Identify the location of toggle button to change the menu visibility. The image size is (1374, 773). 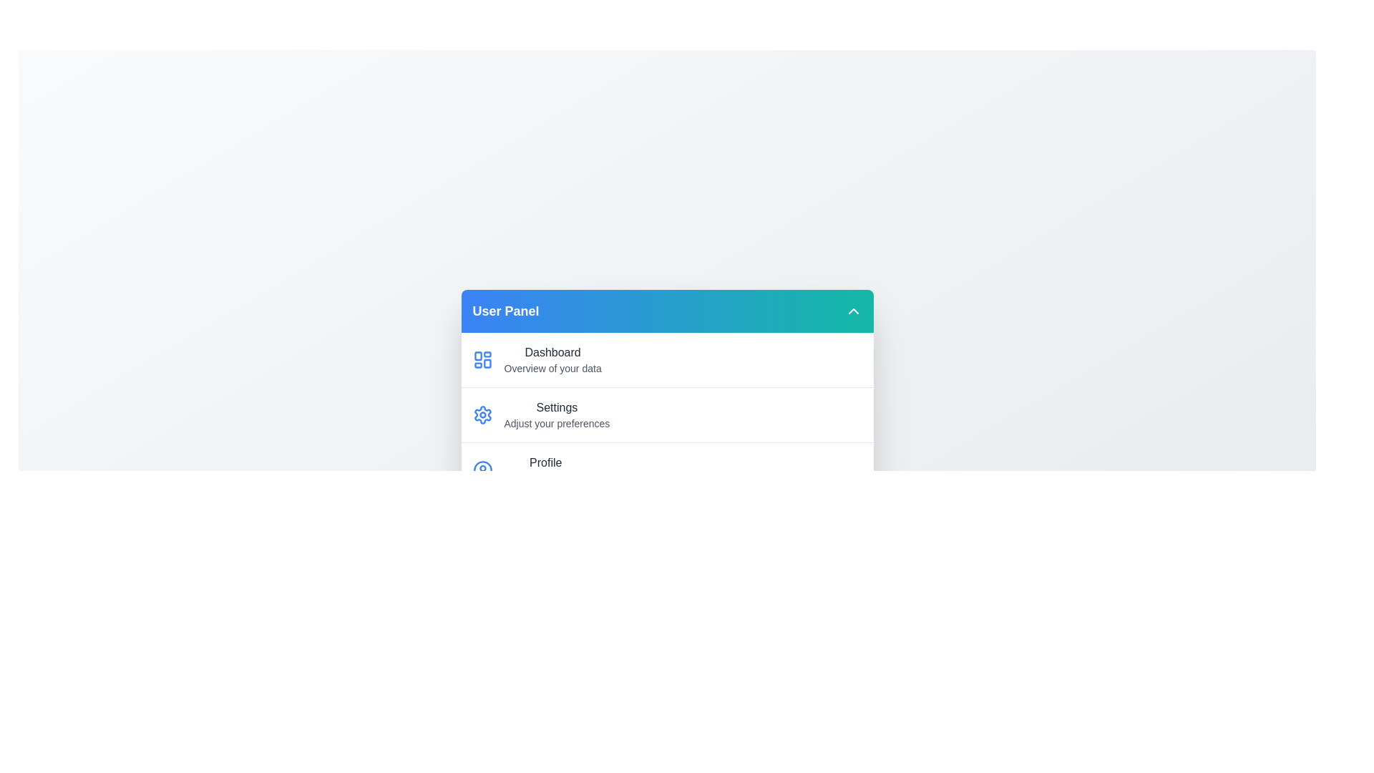
(853, 310).